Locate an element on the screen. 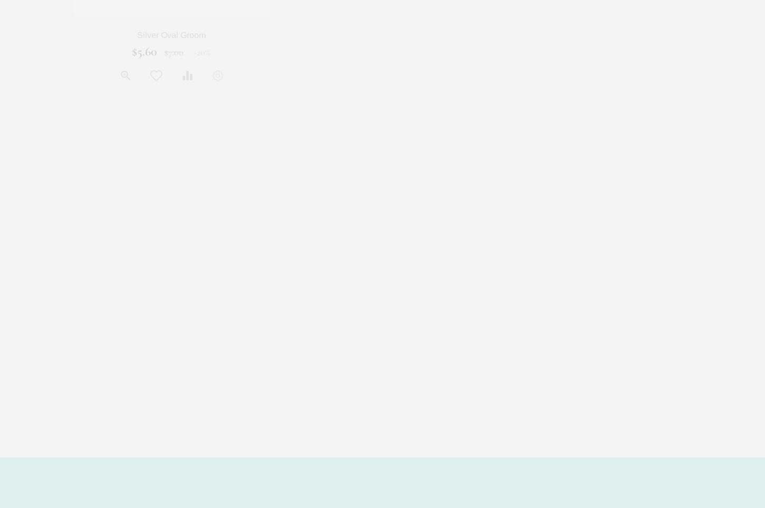 This screenshot has height=508, width=765. '$500.00' is located at coordinates (601, 51).